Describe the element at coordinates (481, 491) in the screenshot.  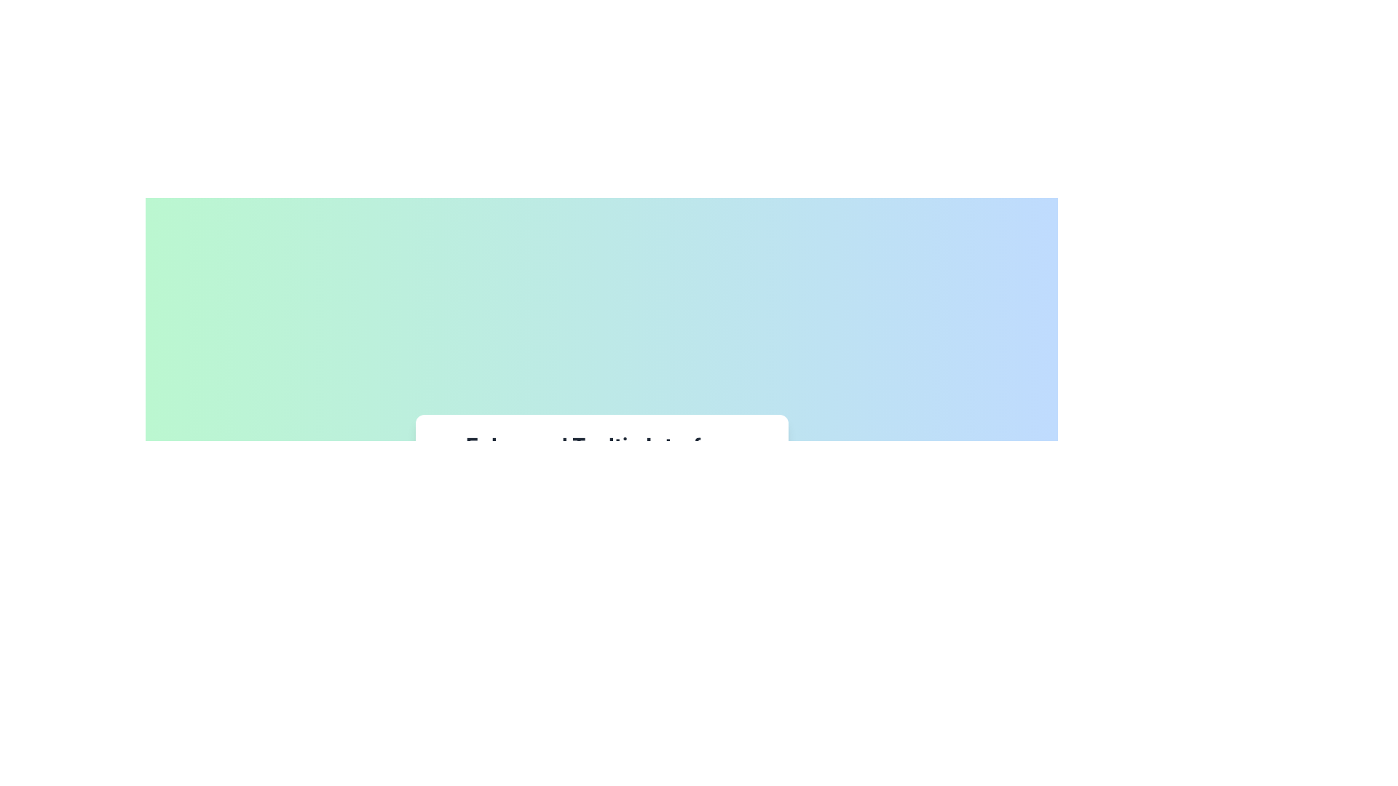
I see `the second button below the title 'Enhanced Tooltip Interface'` at that location.